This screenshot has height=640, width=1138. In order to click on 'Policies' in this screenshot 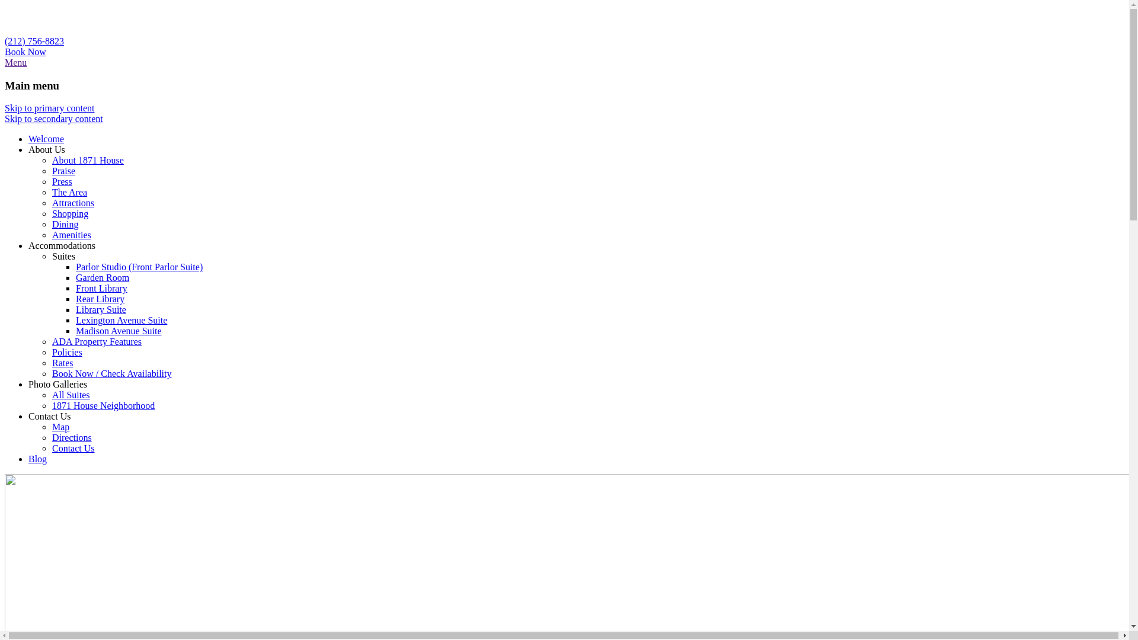, I will do `click(66, 351)`.